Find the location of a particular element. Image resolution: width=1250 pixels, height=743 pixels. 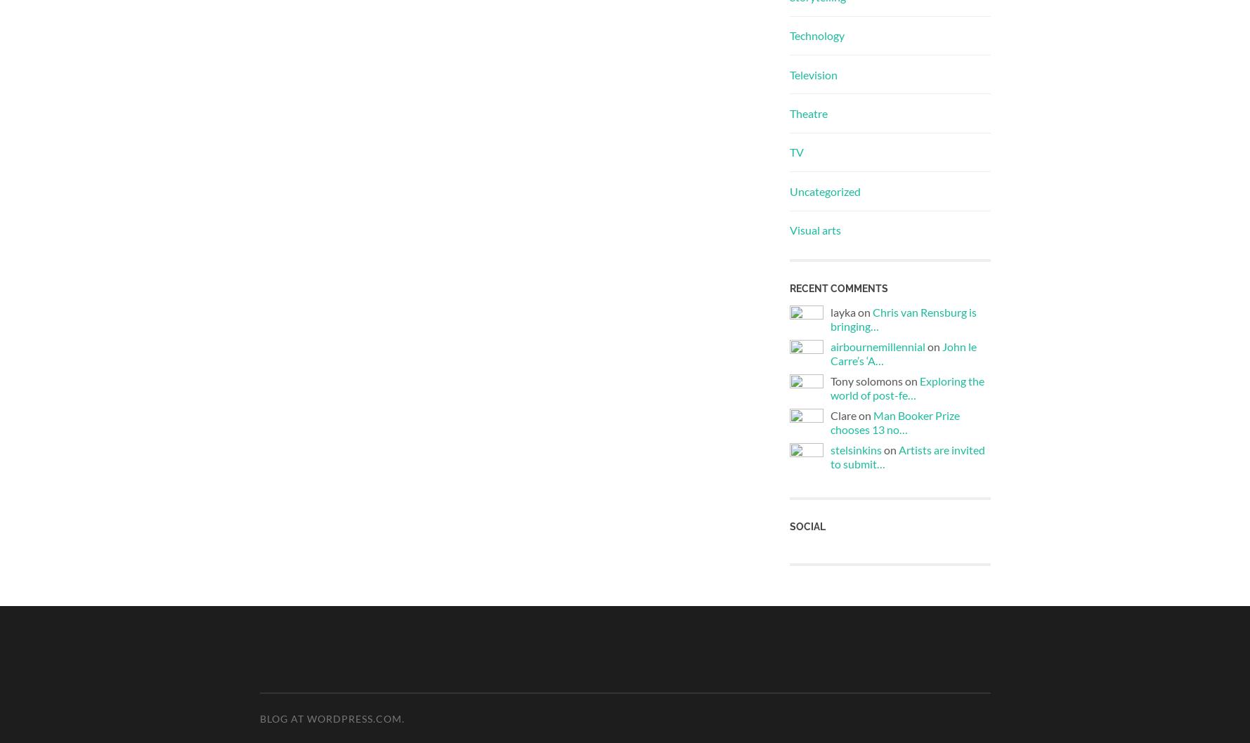

'Chris van Rensburg is bringing…' is located at coordinates (902, 317).